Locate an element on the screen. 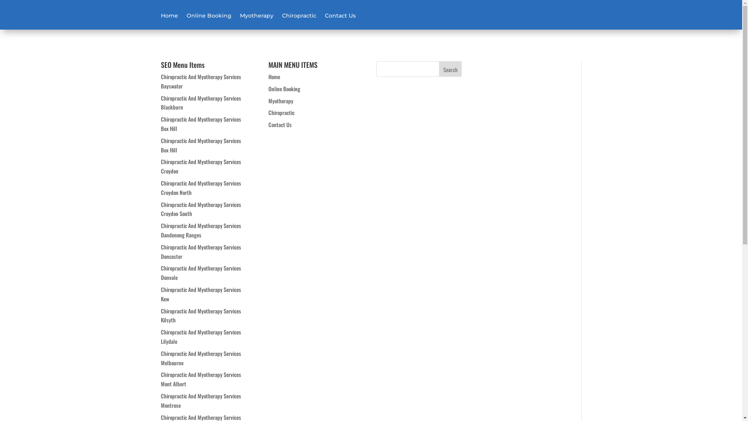 The height and width of the screenshot is (421, 748). 'Chiropractic And Myotherapy Services Donvale' is located at coordinates (200, 272).